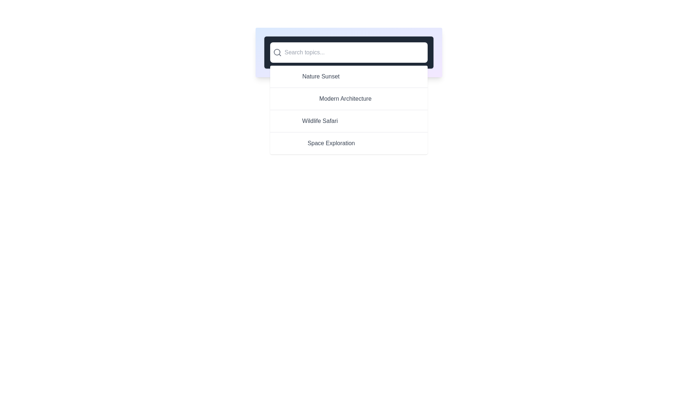 This screenshot has height=394, width=700. Describe the element at coordinates (331, 143) in the screenshot. I see `text of the label displaying 'Space Exploration', which is the fourth item in the dropdown list below the search bar, aligned to the right of an emoji` at that location.